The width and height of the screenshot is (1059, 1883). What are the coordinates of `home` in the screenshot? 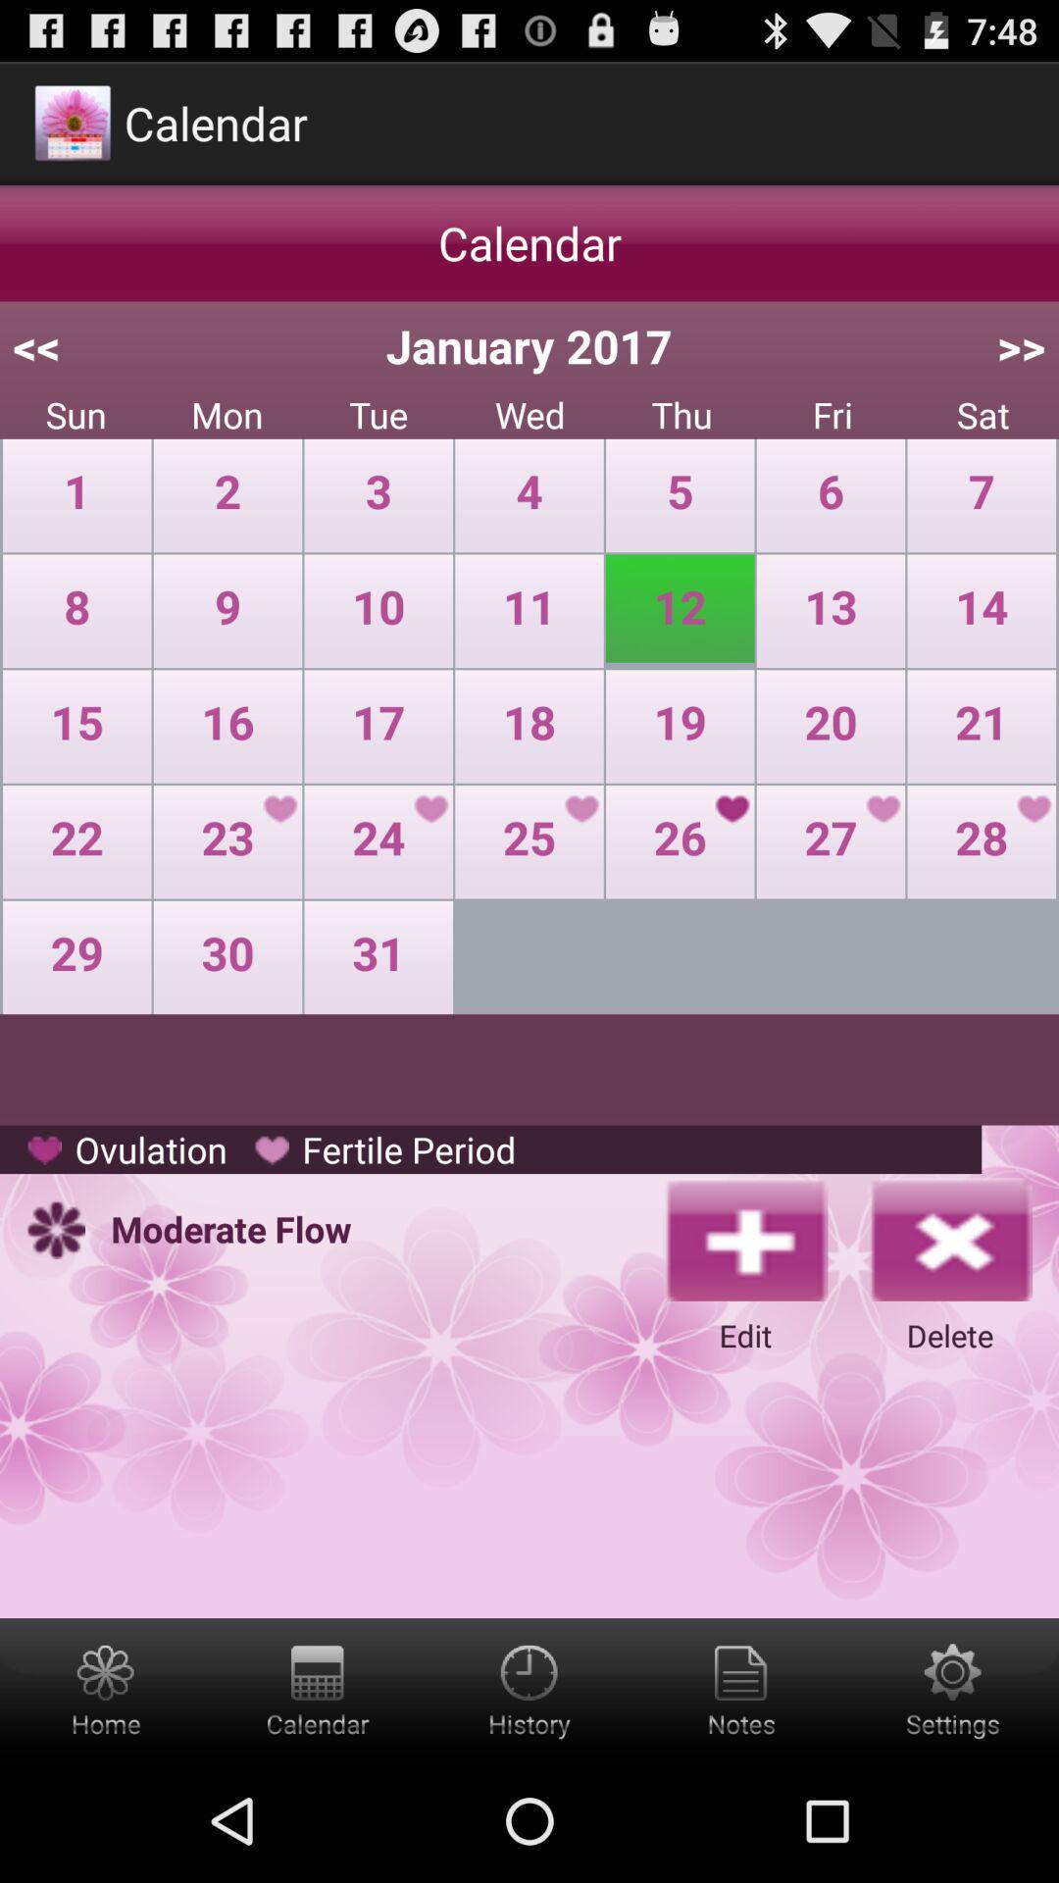 It's located at (106, 1688).